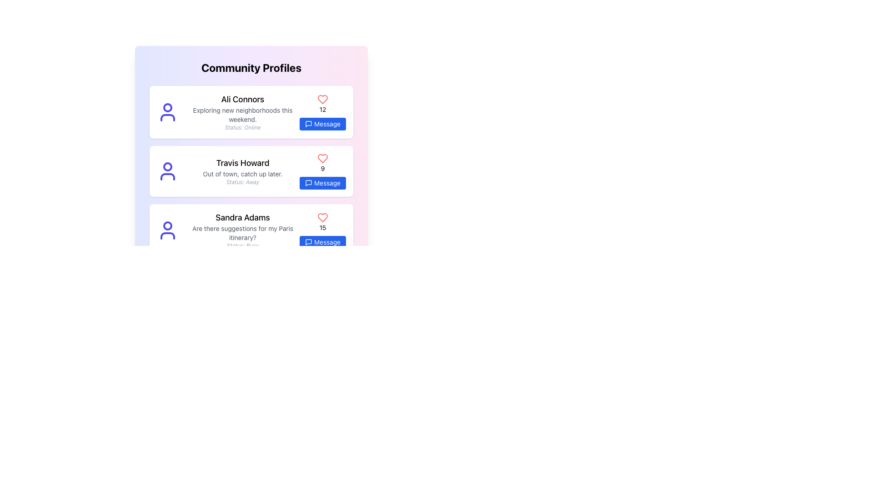 This screenshot has width=873, height=491. What do you see at coordinates (309, 124) in the screenshot?
I see `the speech bubble icon located within the blue 'Message' button under the profile card of 'Ali Connors'` at bounding box center [309, 124].